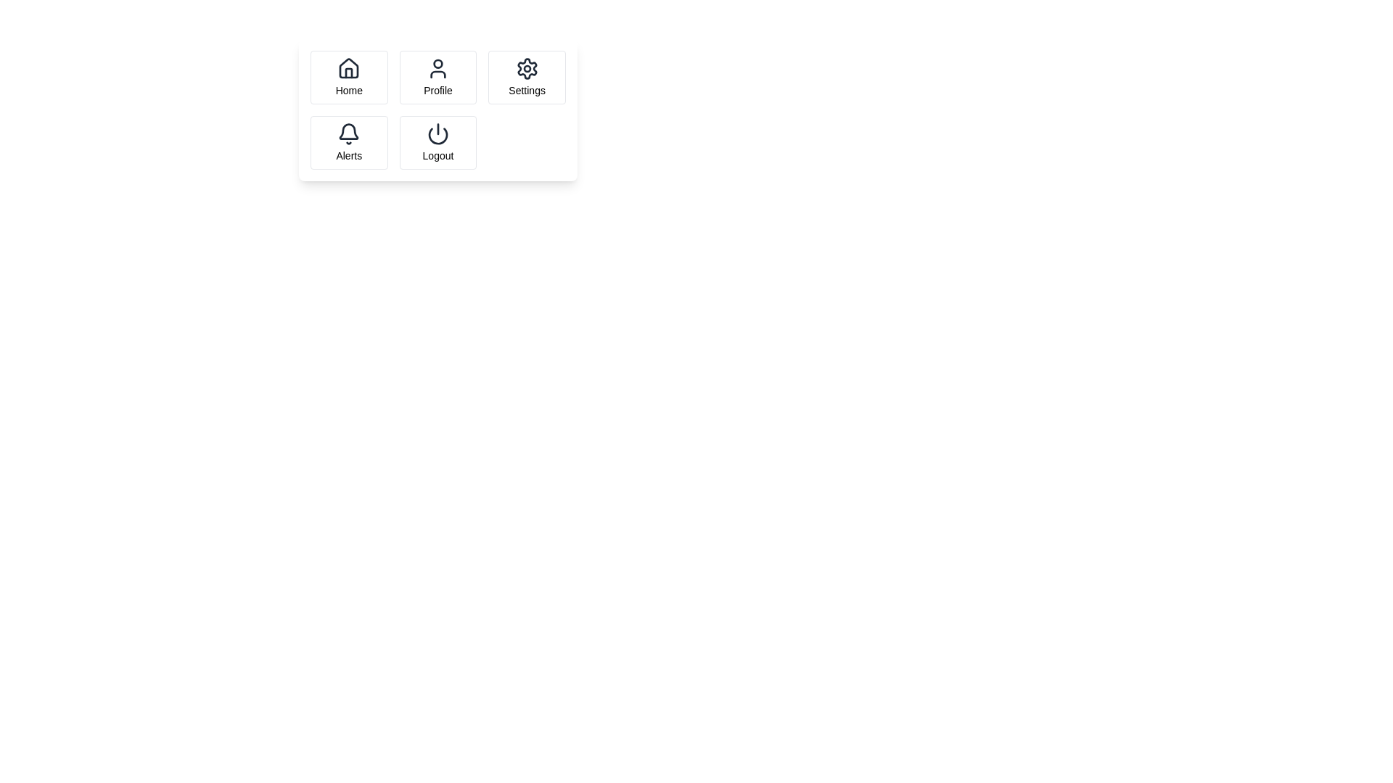 This screenshot has width=1393, height=783. I want to click on the top-left navigation button with text and icon, so click(349, 78).